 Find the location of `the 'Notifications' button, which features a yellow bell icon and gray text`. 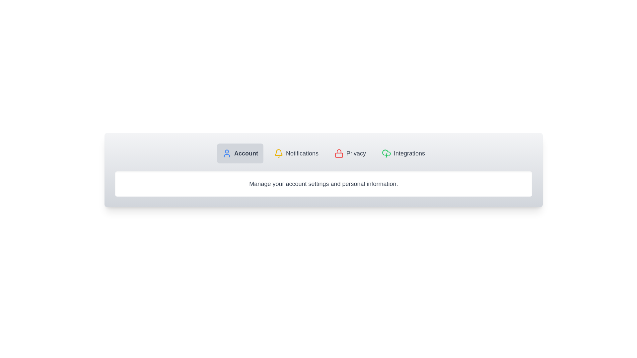

the 'Notifications' button, which features a yellow bell icon and gray text is located at coordinates (296, 153).